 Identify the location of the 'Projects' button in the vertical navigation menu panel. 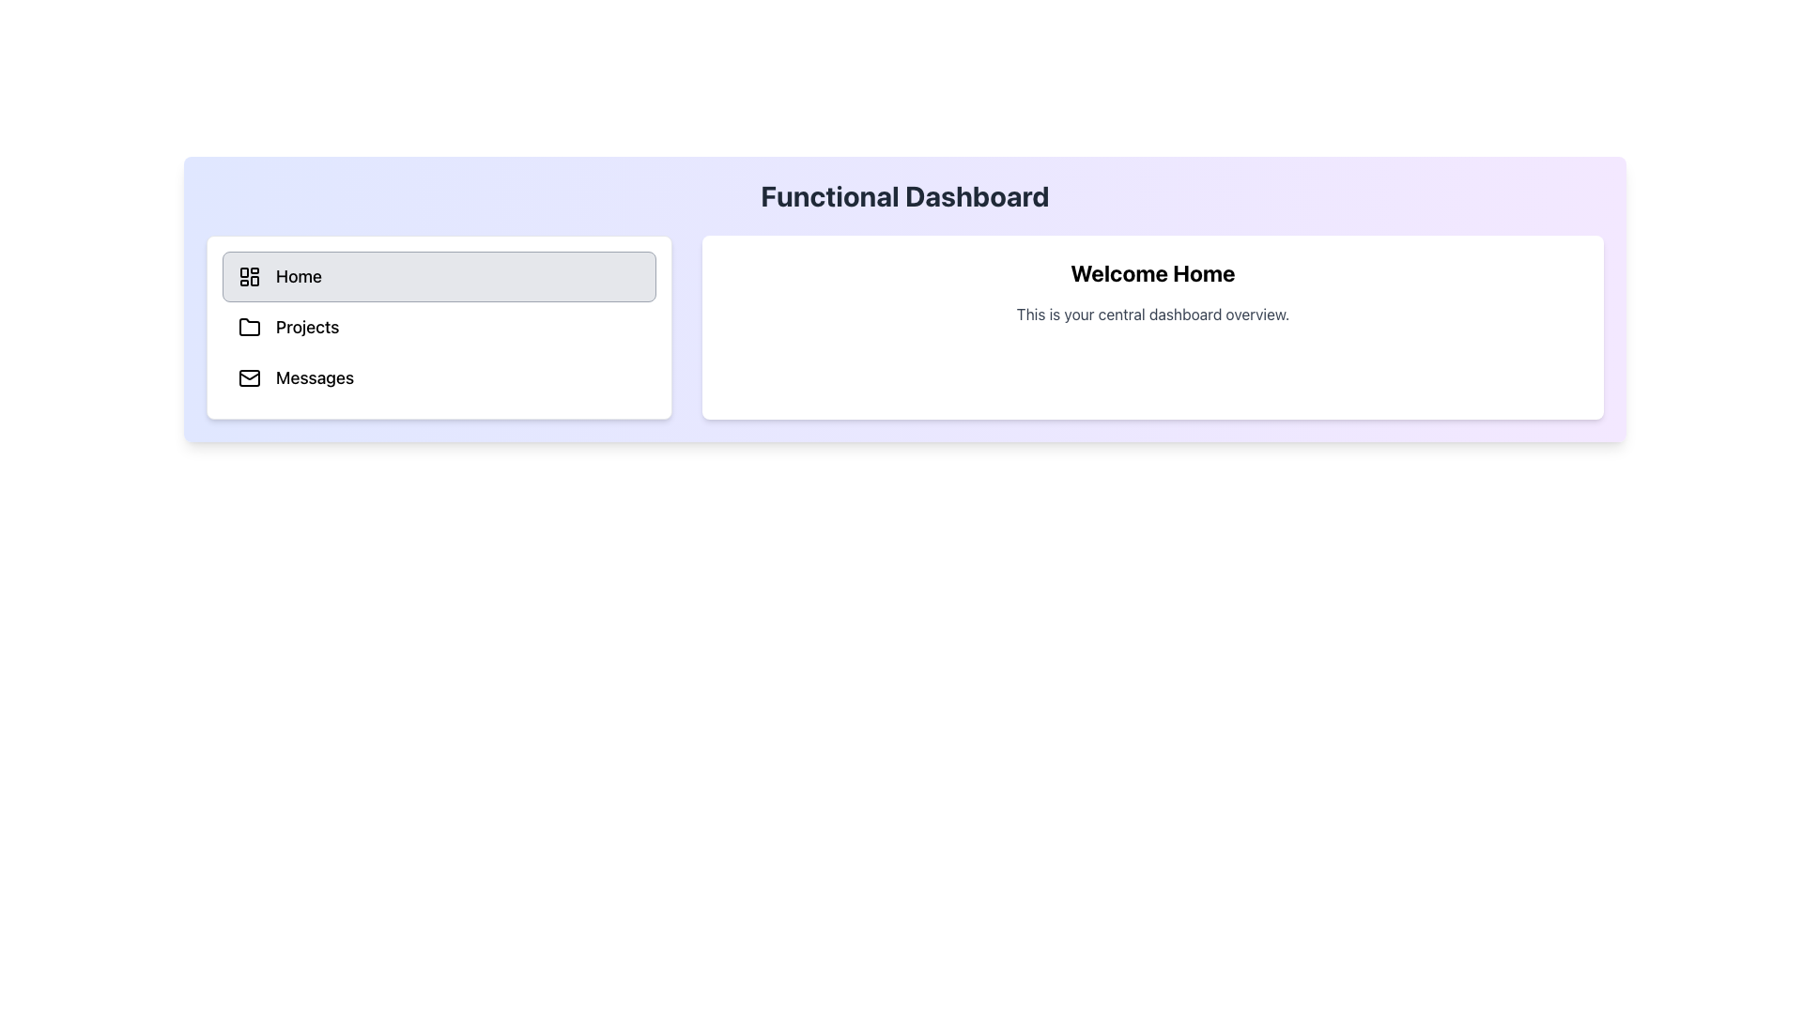
(438, 326).